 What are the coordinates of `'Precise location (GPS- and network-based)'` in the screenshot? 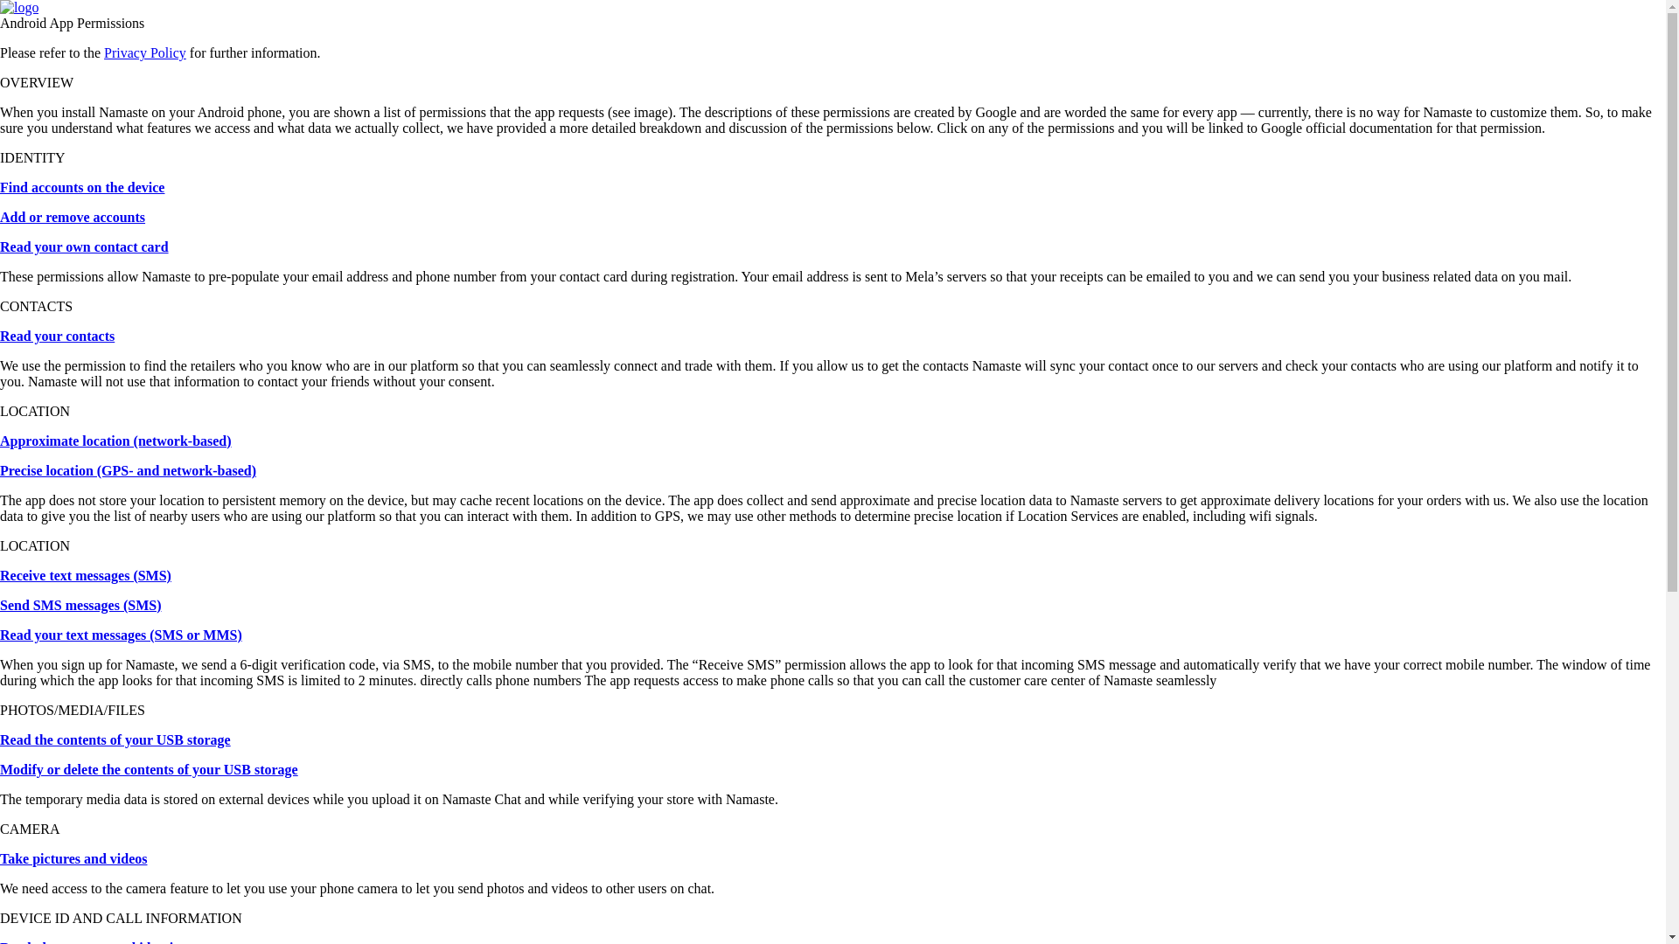 It's located at (127, 469).